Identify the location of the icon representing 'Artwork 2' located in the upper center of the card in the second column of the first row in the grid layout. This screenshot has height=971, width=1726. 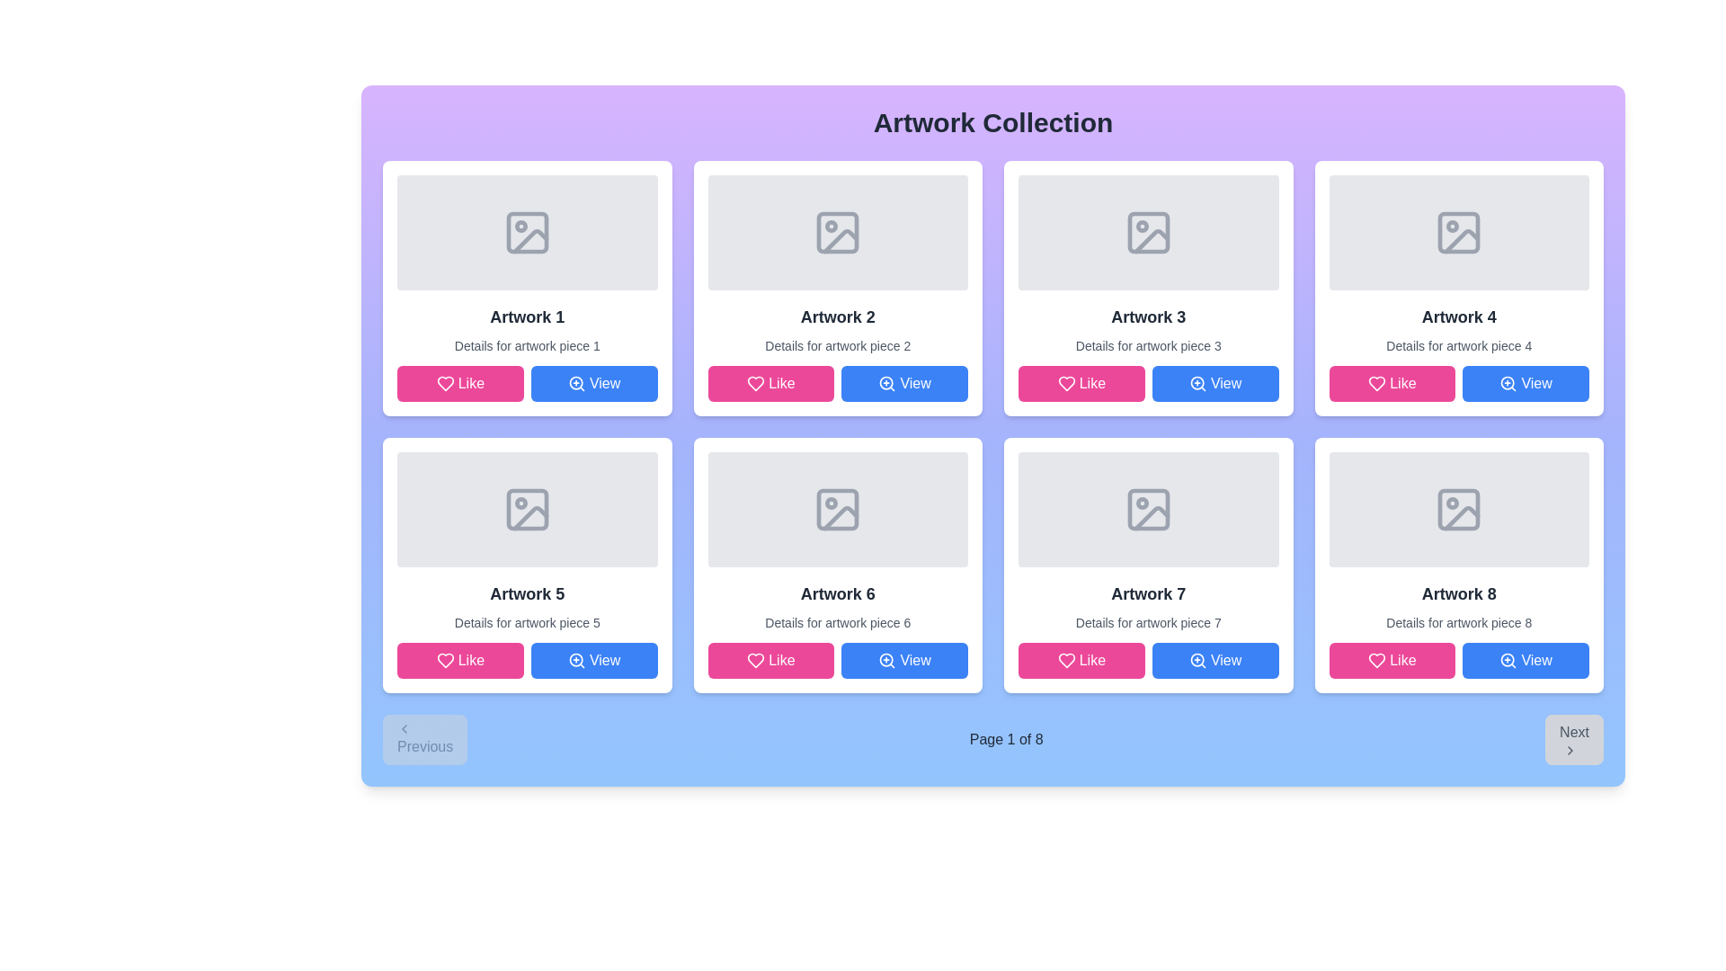
(837, 231).